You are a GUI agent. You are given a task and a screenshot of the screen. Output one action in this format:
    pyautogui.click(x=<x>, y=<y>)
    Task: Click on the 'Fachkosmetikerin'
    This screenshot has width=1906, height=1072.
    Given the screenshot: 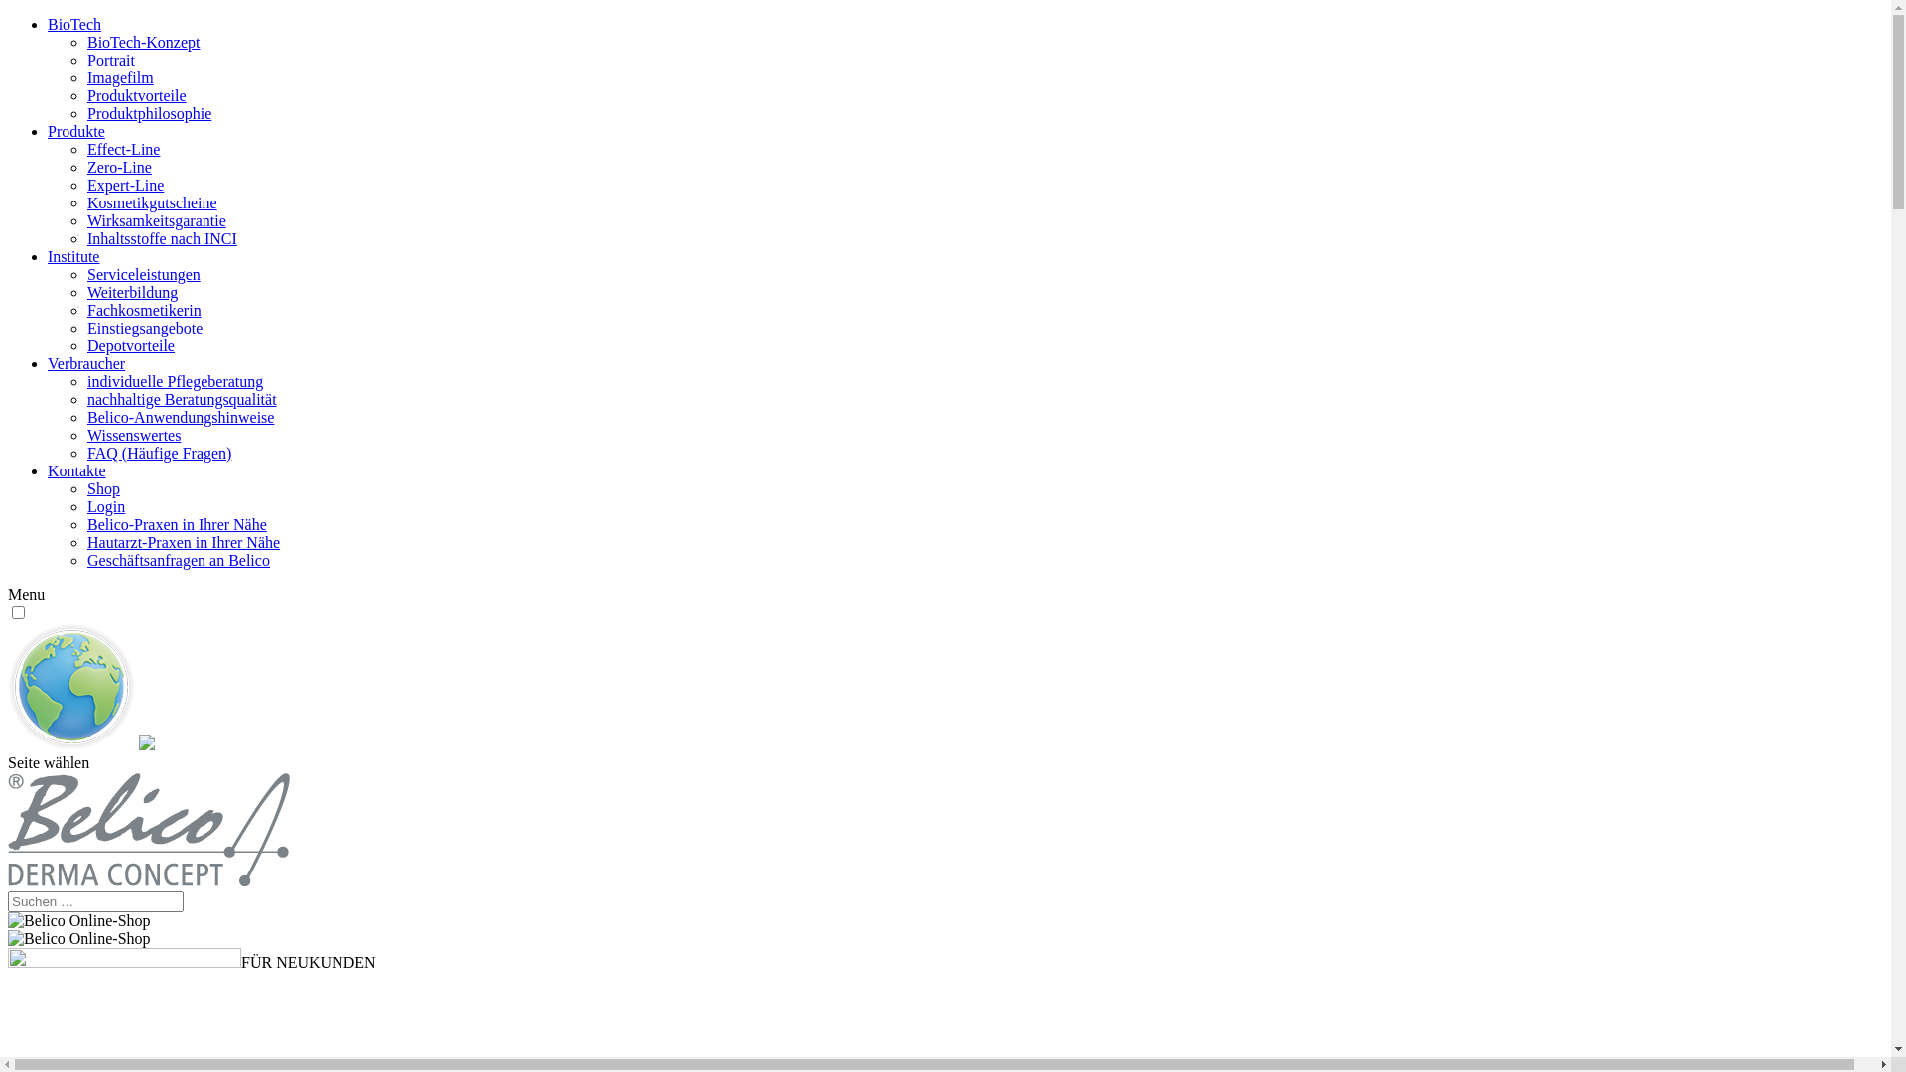 What is the action you would take?
    pyautogui.click(x=143, y=310)
    